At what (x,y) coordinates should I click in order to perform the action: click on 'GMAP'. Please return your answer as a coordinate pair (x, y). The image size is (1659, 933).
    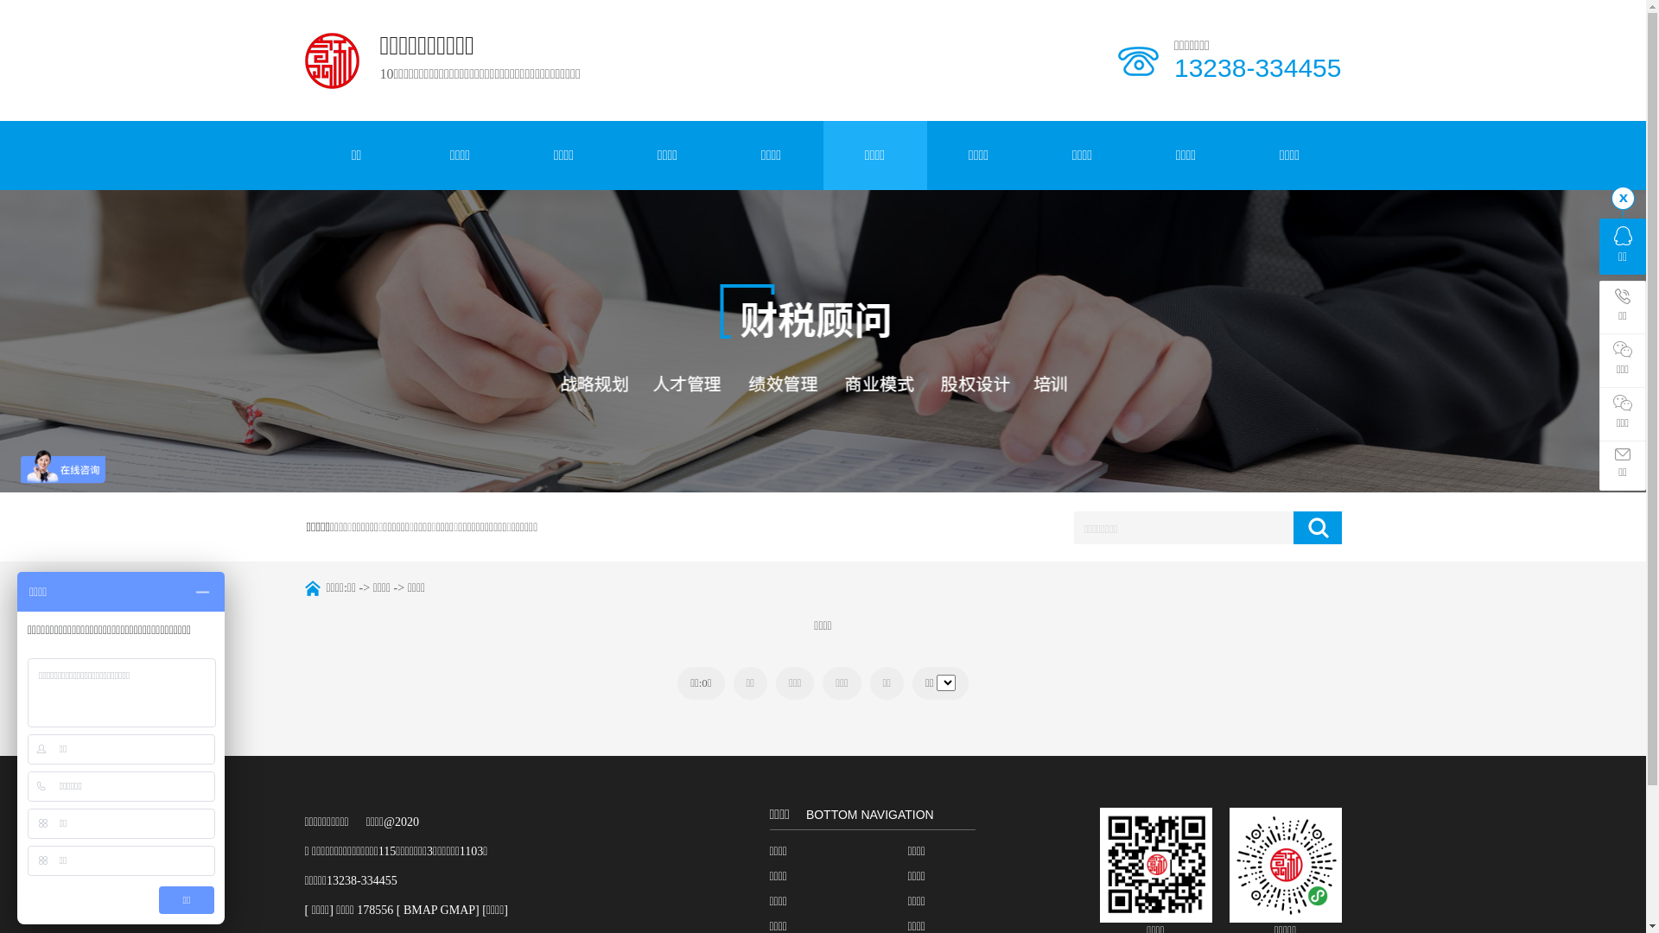
    Looking at the image, I should click on (457, 909).